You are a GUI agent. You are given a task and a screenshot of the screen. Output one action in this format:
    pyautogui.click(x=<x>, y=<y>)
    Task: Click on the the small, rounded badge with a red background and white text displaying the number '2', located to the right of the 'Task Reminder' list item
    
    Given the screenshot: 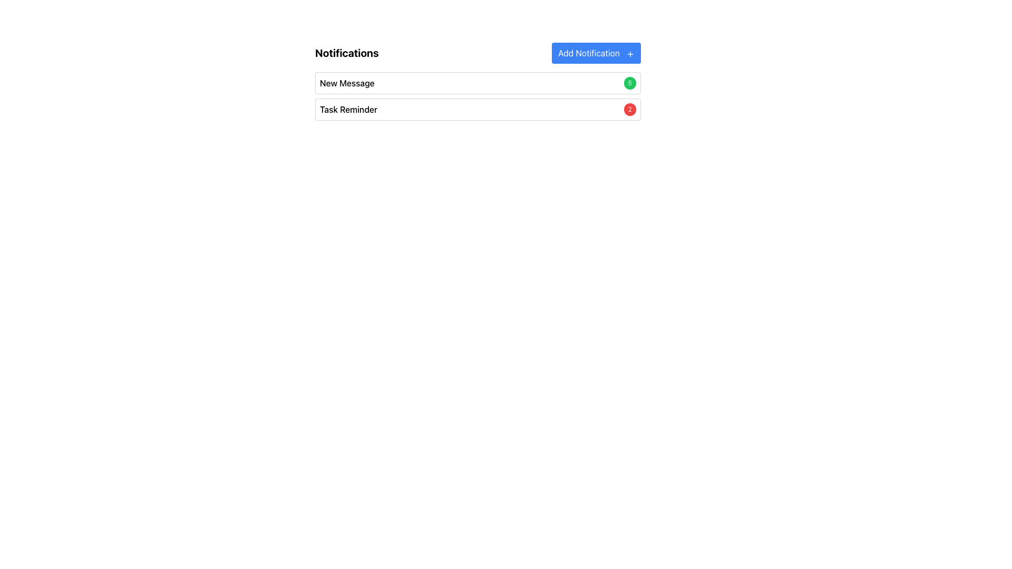 What is the action you would take?
    pyautogui.click(x=630, y=110)
    